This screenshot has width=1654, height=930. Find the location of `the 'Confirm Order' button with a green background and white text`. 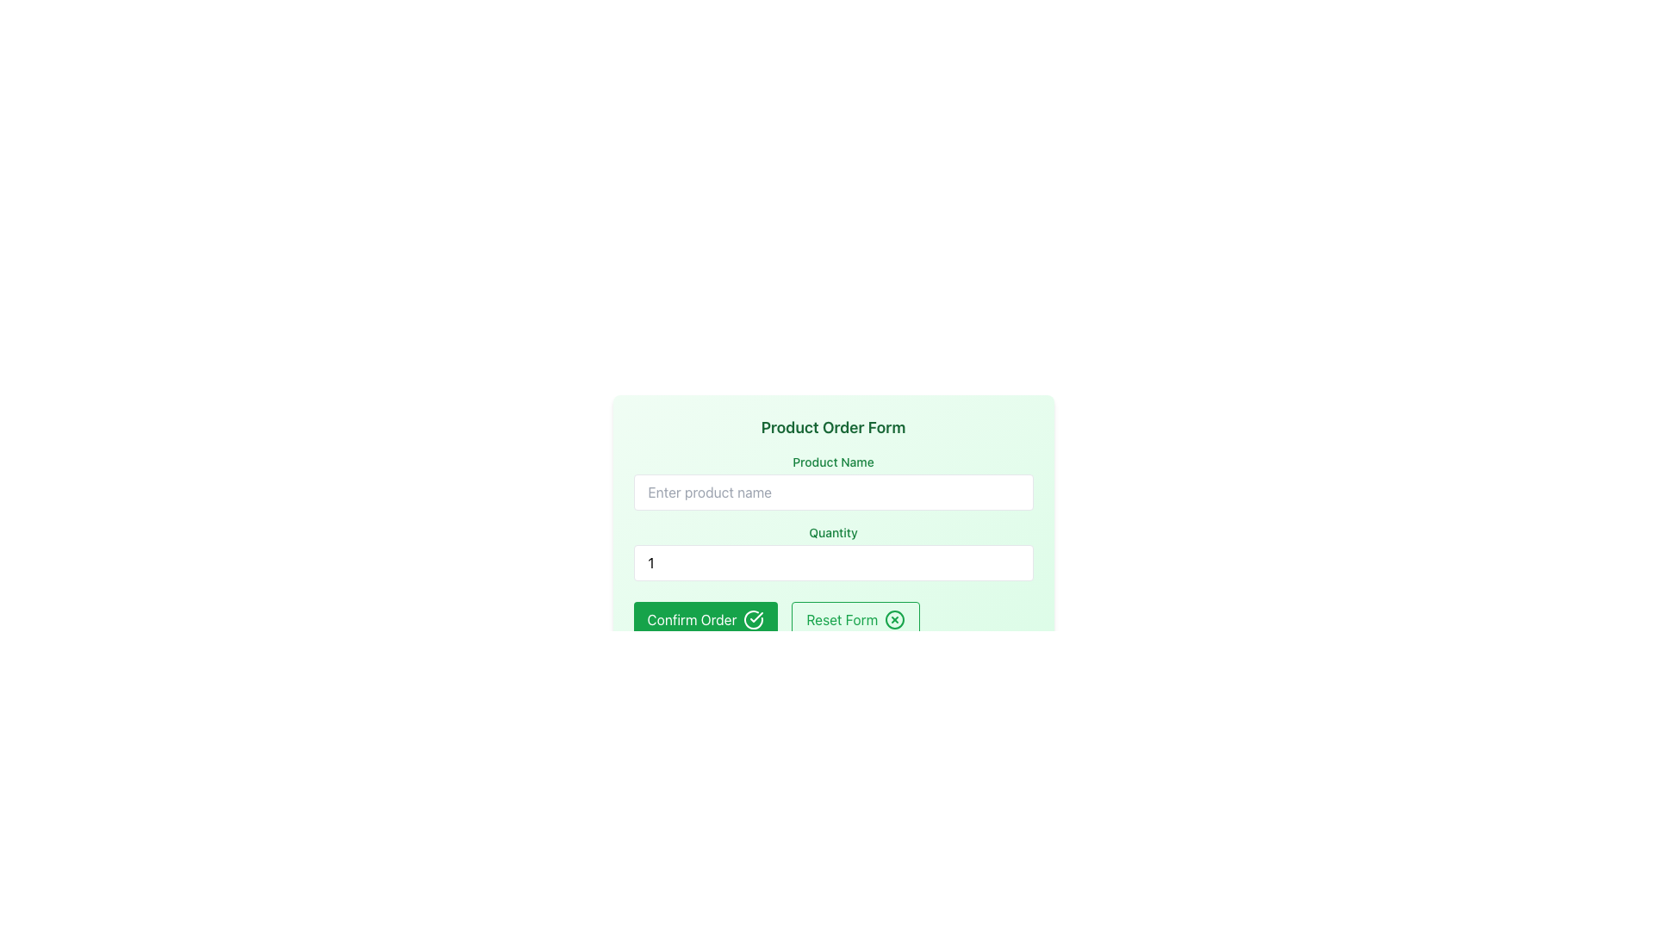

the 'Confirm Order' button with a green background and white text is located at coordinates (706, 620).